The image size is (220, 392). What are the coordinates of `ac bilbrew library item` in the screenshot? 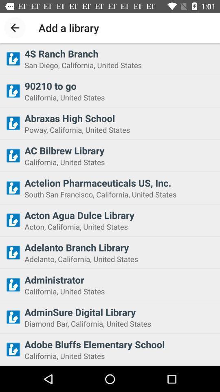 It's located at (119, 150).